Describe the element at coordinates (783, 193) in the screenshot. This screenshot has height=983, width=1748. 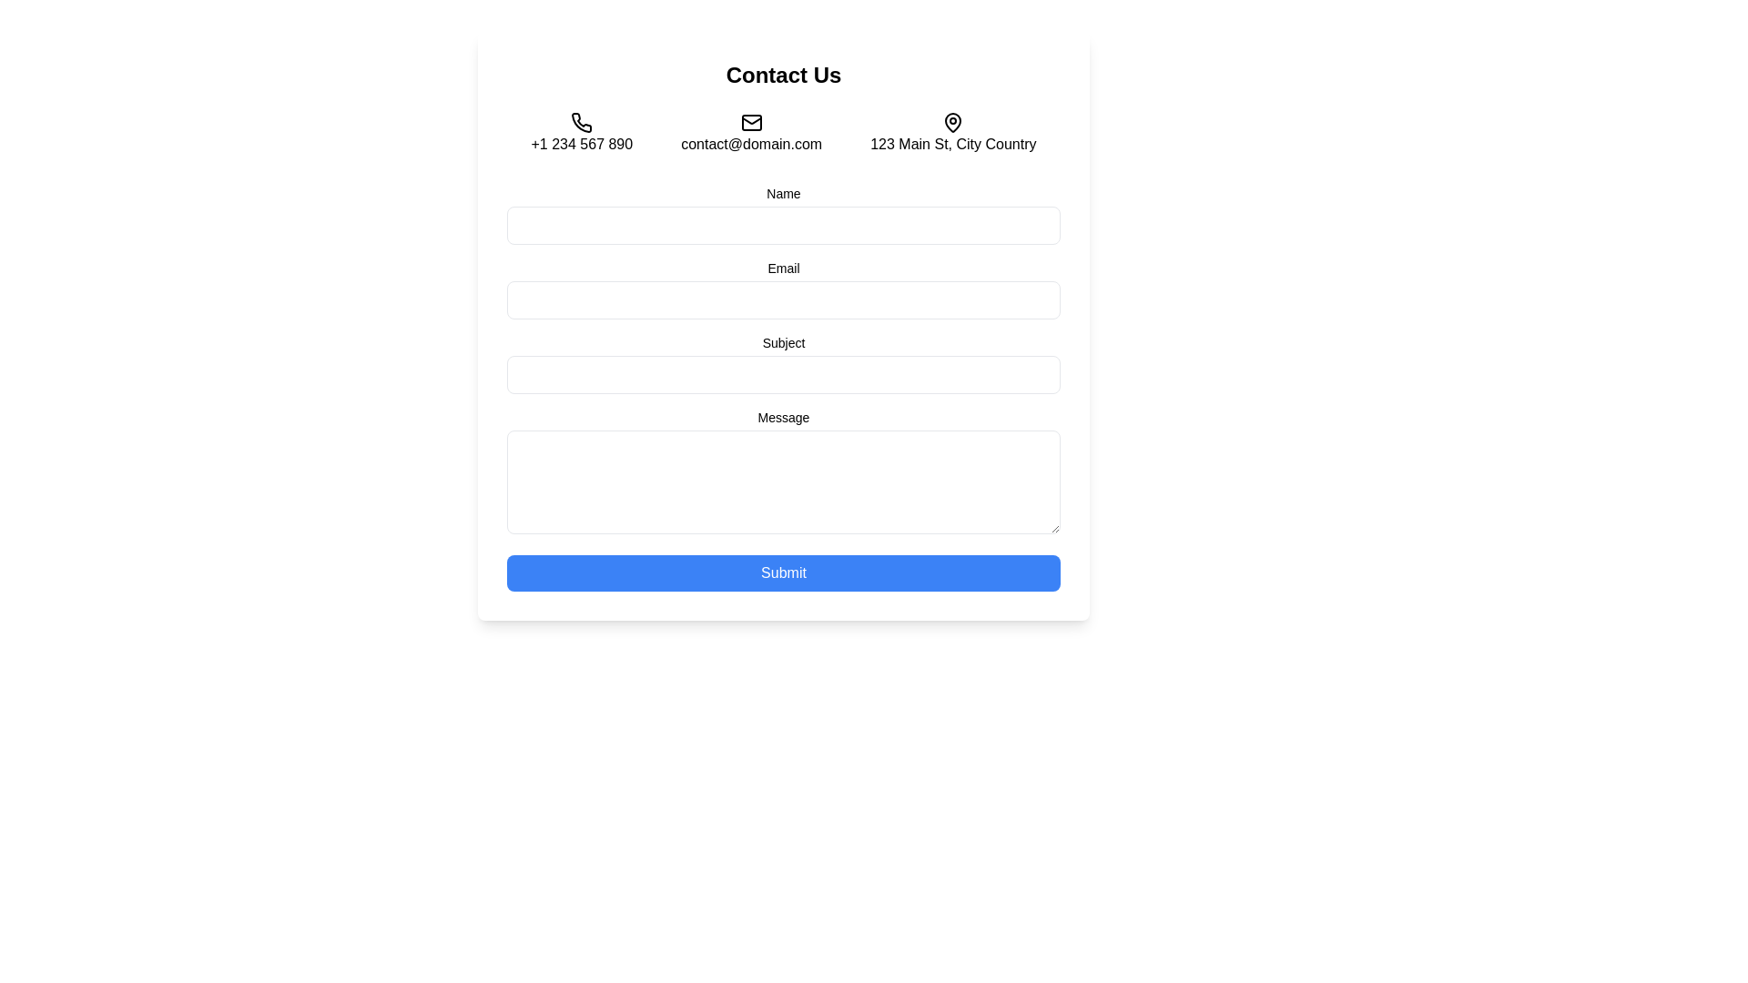
I see `the 'Name' label, which is displayed in bold and medium-sized font, positioned above the name input field in the contact form` at that location.